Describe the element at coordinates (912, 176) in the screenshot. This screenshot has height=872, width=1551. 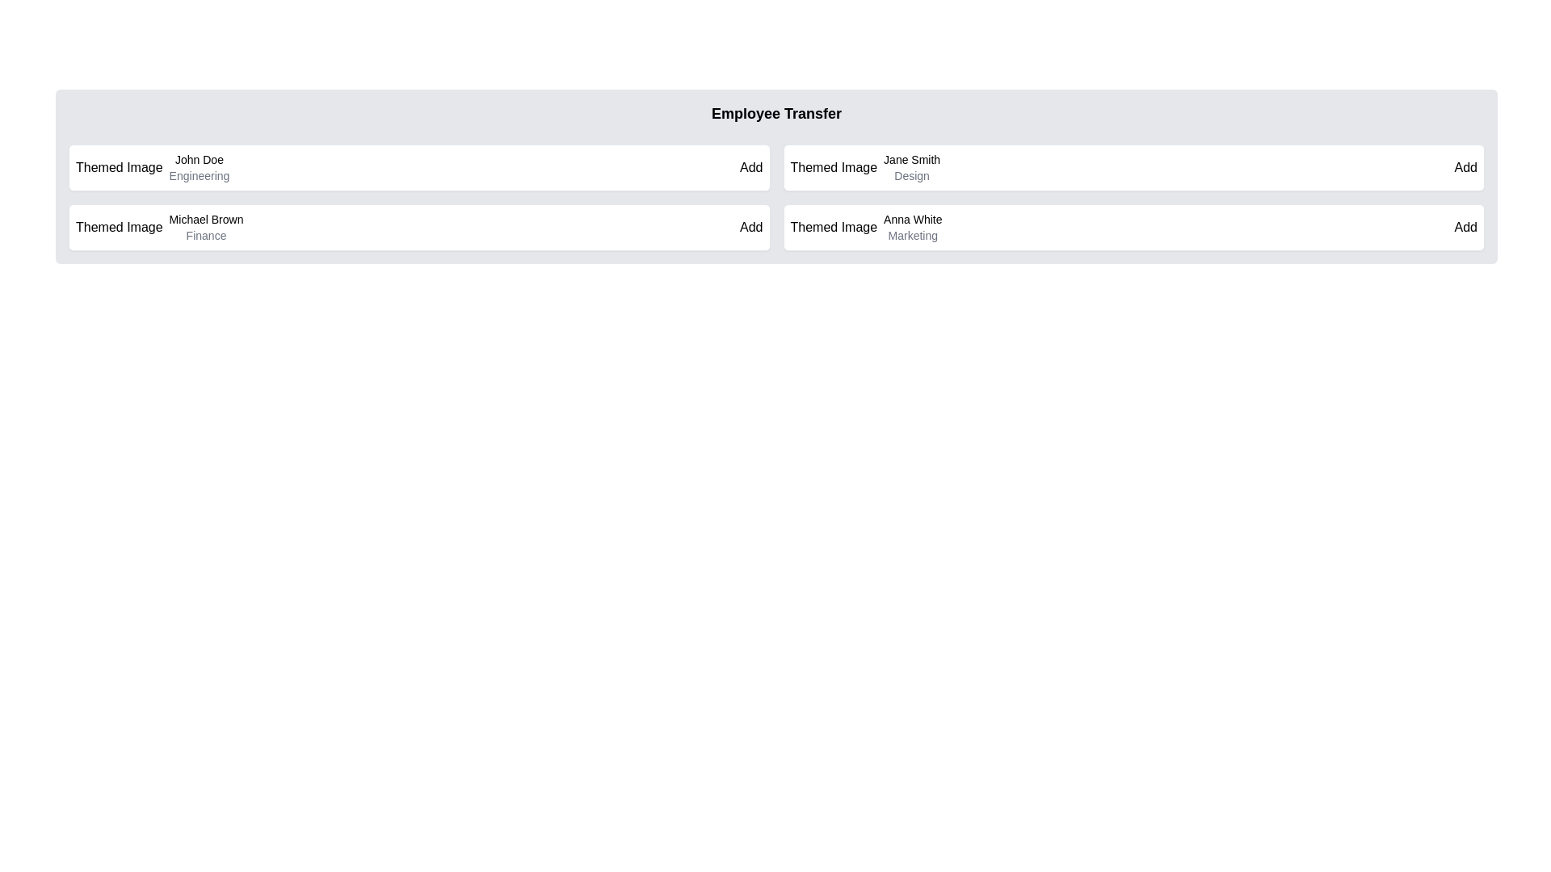
I see `the text label displaying 'Design', which is positioned below 'Jane Smith' in the top row of the right column` at that location.